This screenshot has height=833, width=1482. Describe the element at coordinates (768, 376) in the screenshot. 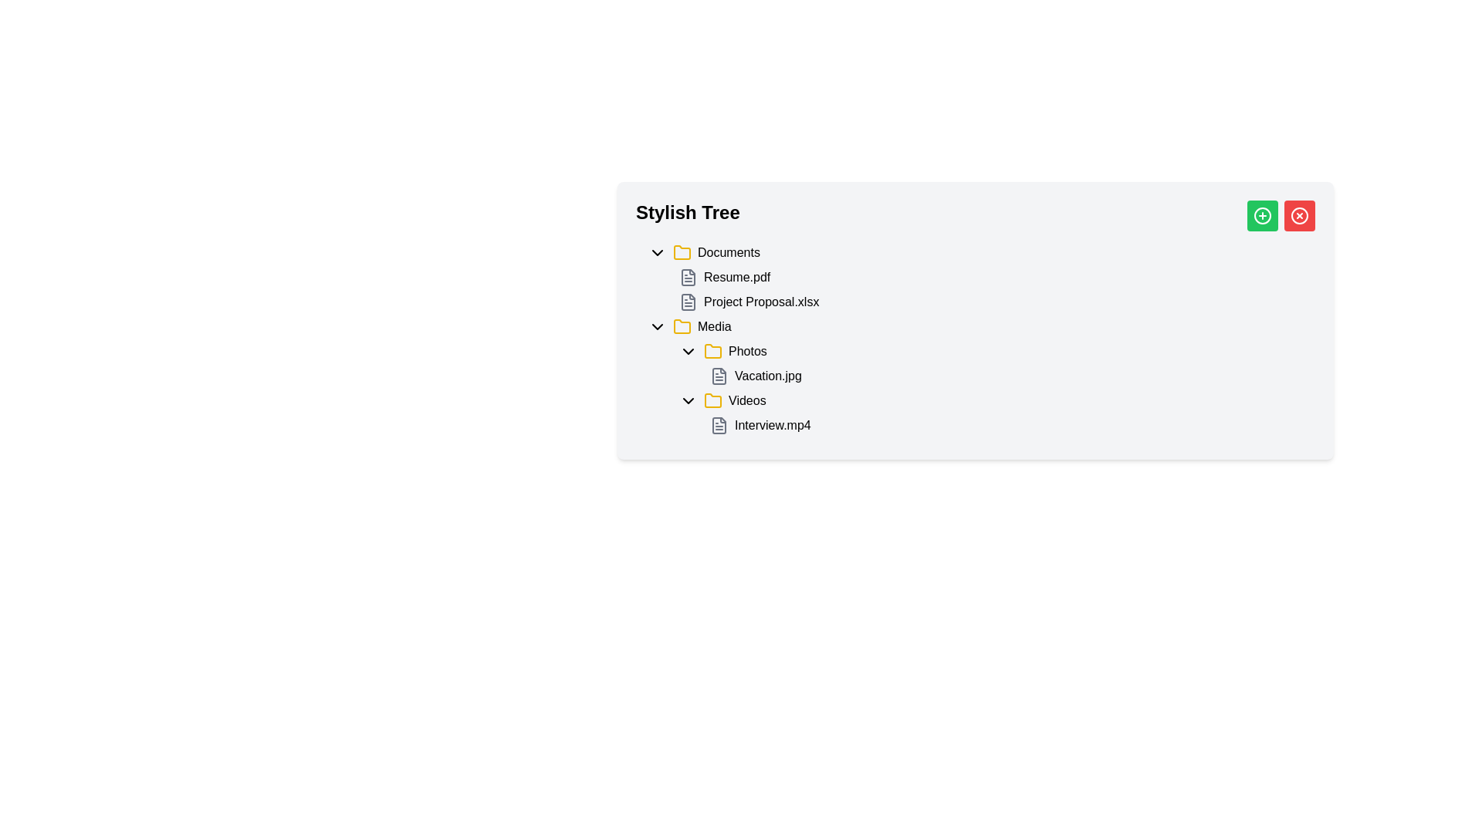

I see `the text label displaying 'Vacation.jpg' located in the 'Photos' folder under the 'Media' folder in the tree view` at that location.